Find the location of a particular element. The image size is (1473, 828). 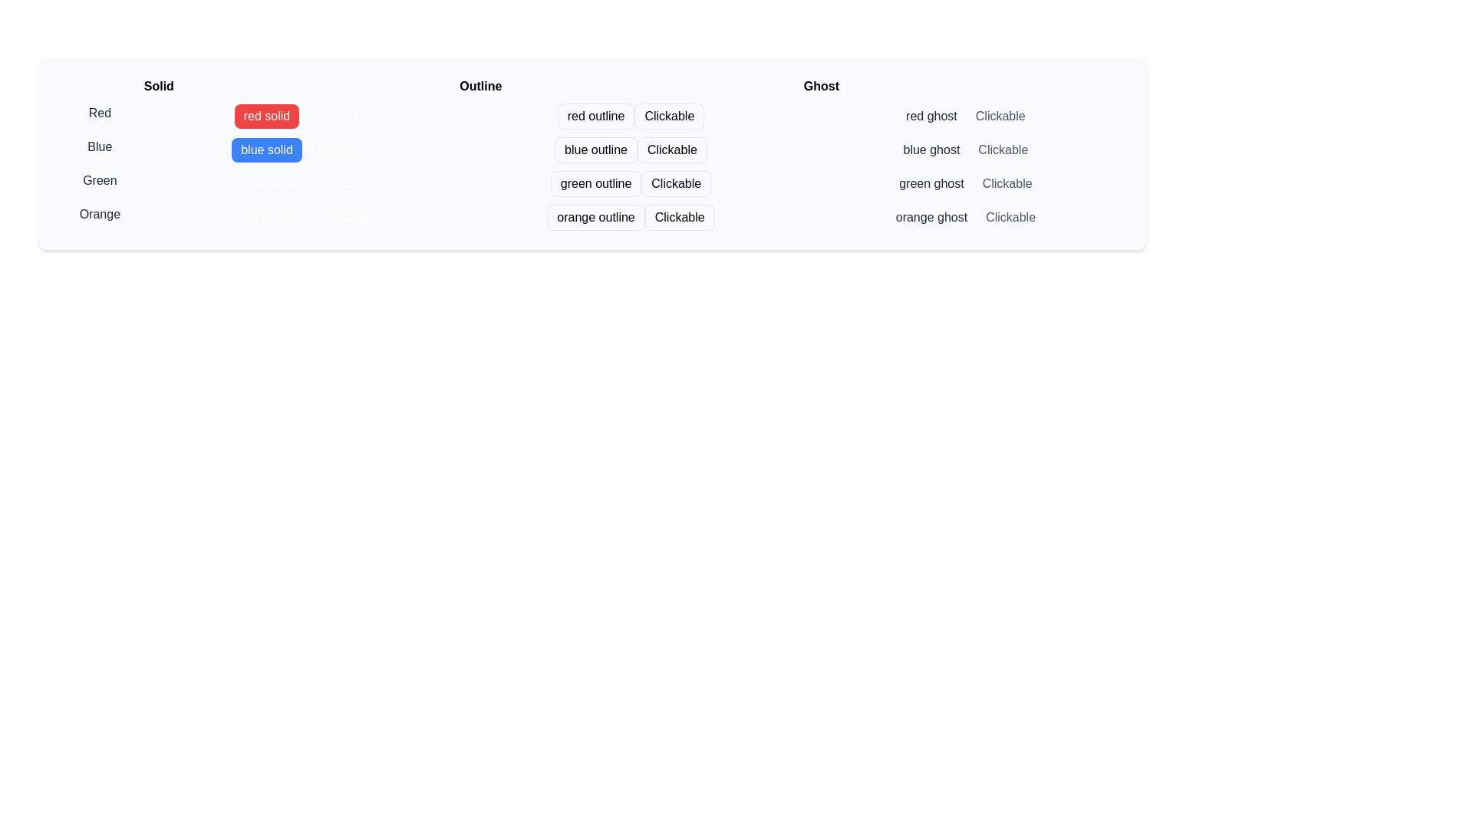

the button-like text labeled 'Clickable', which is a rounded rectangular shape with gray font color, located in the 'Ghost' table row to the right of the 'orange ghost' text is located at coordinates (1010, 218).